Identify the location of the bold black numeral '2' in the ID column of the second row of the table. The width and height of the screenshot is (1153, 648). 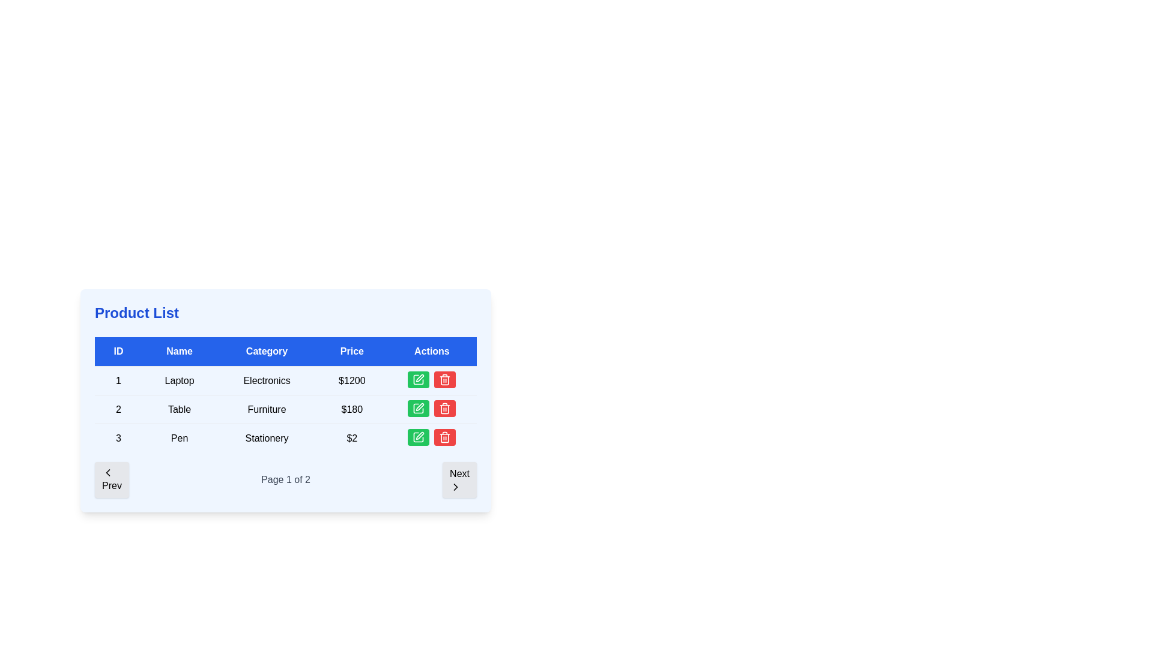
(118, 409).